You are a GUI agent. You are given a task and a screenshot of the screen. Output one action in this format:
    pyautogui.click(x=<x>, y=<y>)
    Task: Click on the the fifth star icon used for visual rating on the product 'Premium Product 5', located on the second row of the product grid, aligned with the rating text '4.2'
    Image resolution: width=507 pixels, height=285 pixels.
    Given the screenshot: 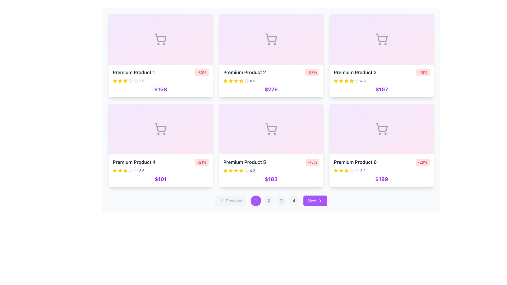 What is the action you would take?
    pyautogui.click(x=236, y=171)
    